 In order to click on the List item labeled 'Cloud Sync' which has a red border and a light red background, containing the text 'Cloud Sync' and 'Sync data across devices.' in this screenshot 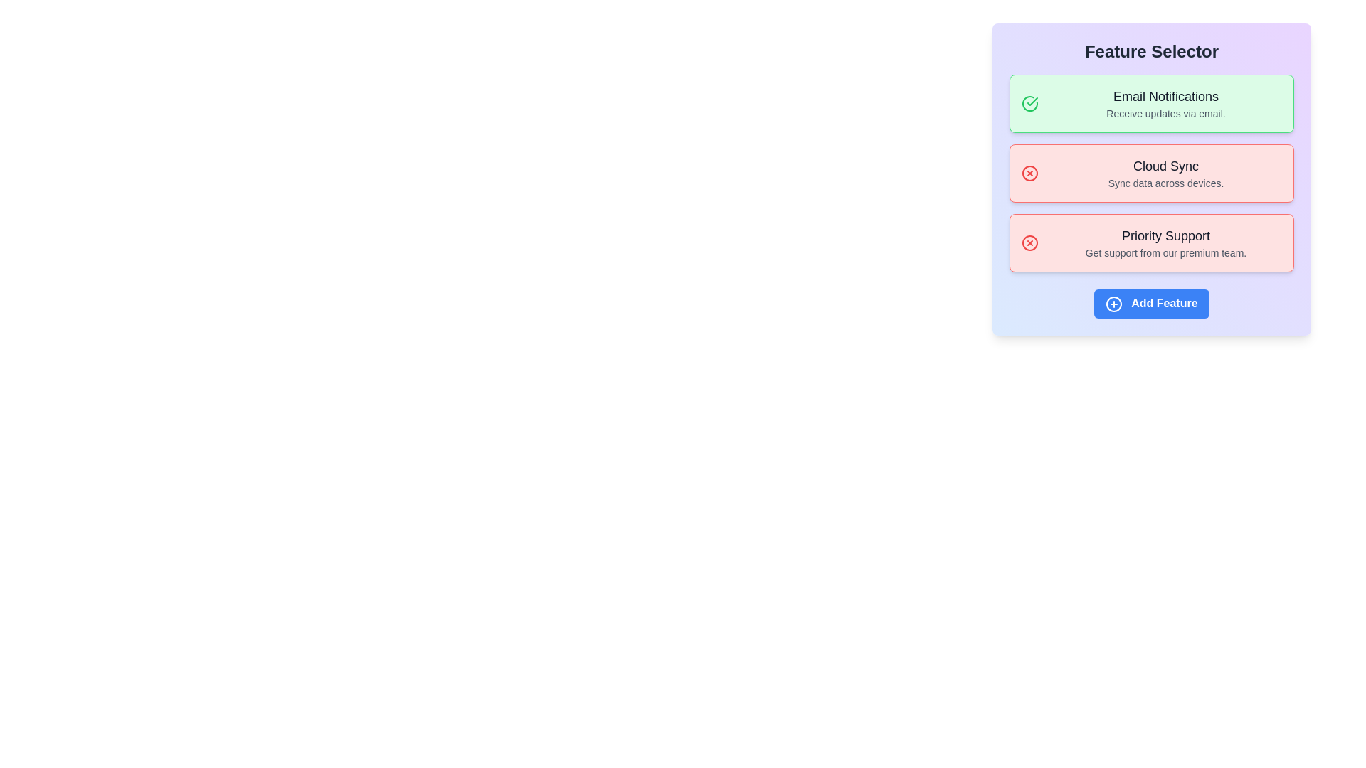, I will do `click(1151, 172)`.